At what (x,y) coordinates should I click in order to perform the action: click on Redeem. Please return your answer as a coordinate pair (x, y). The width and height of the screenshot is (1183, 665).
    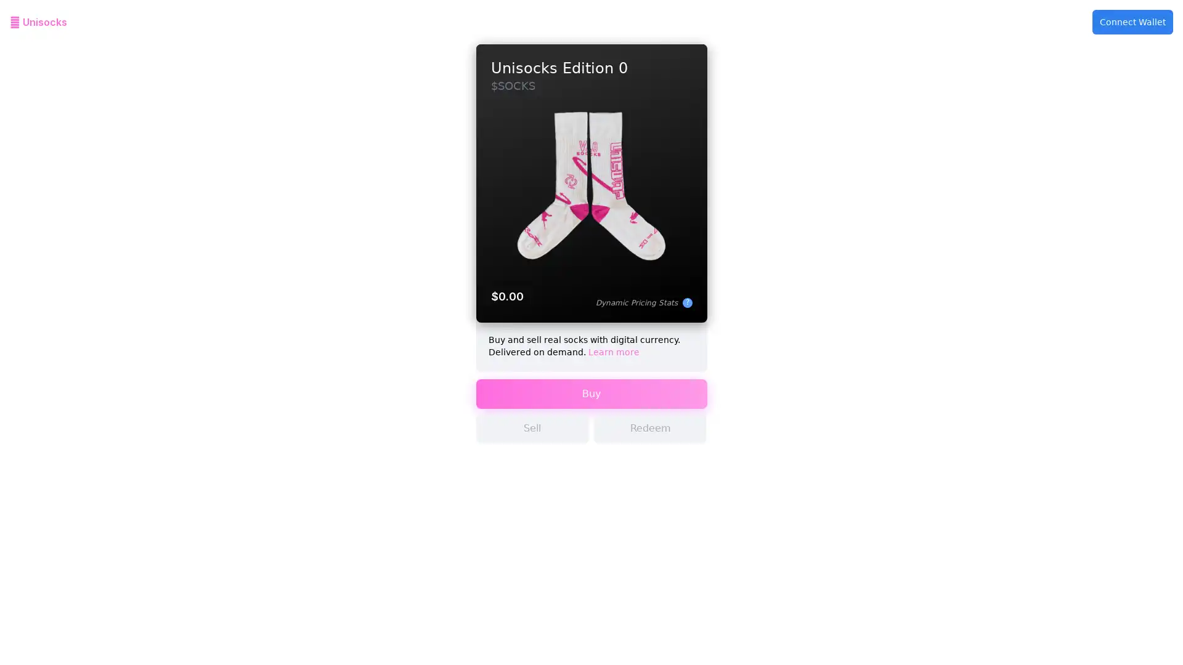
    Looking at the image, I should click on (649, 438).